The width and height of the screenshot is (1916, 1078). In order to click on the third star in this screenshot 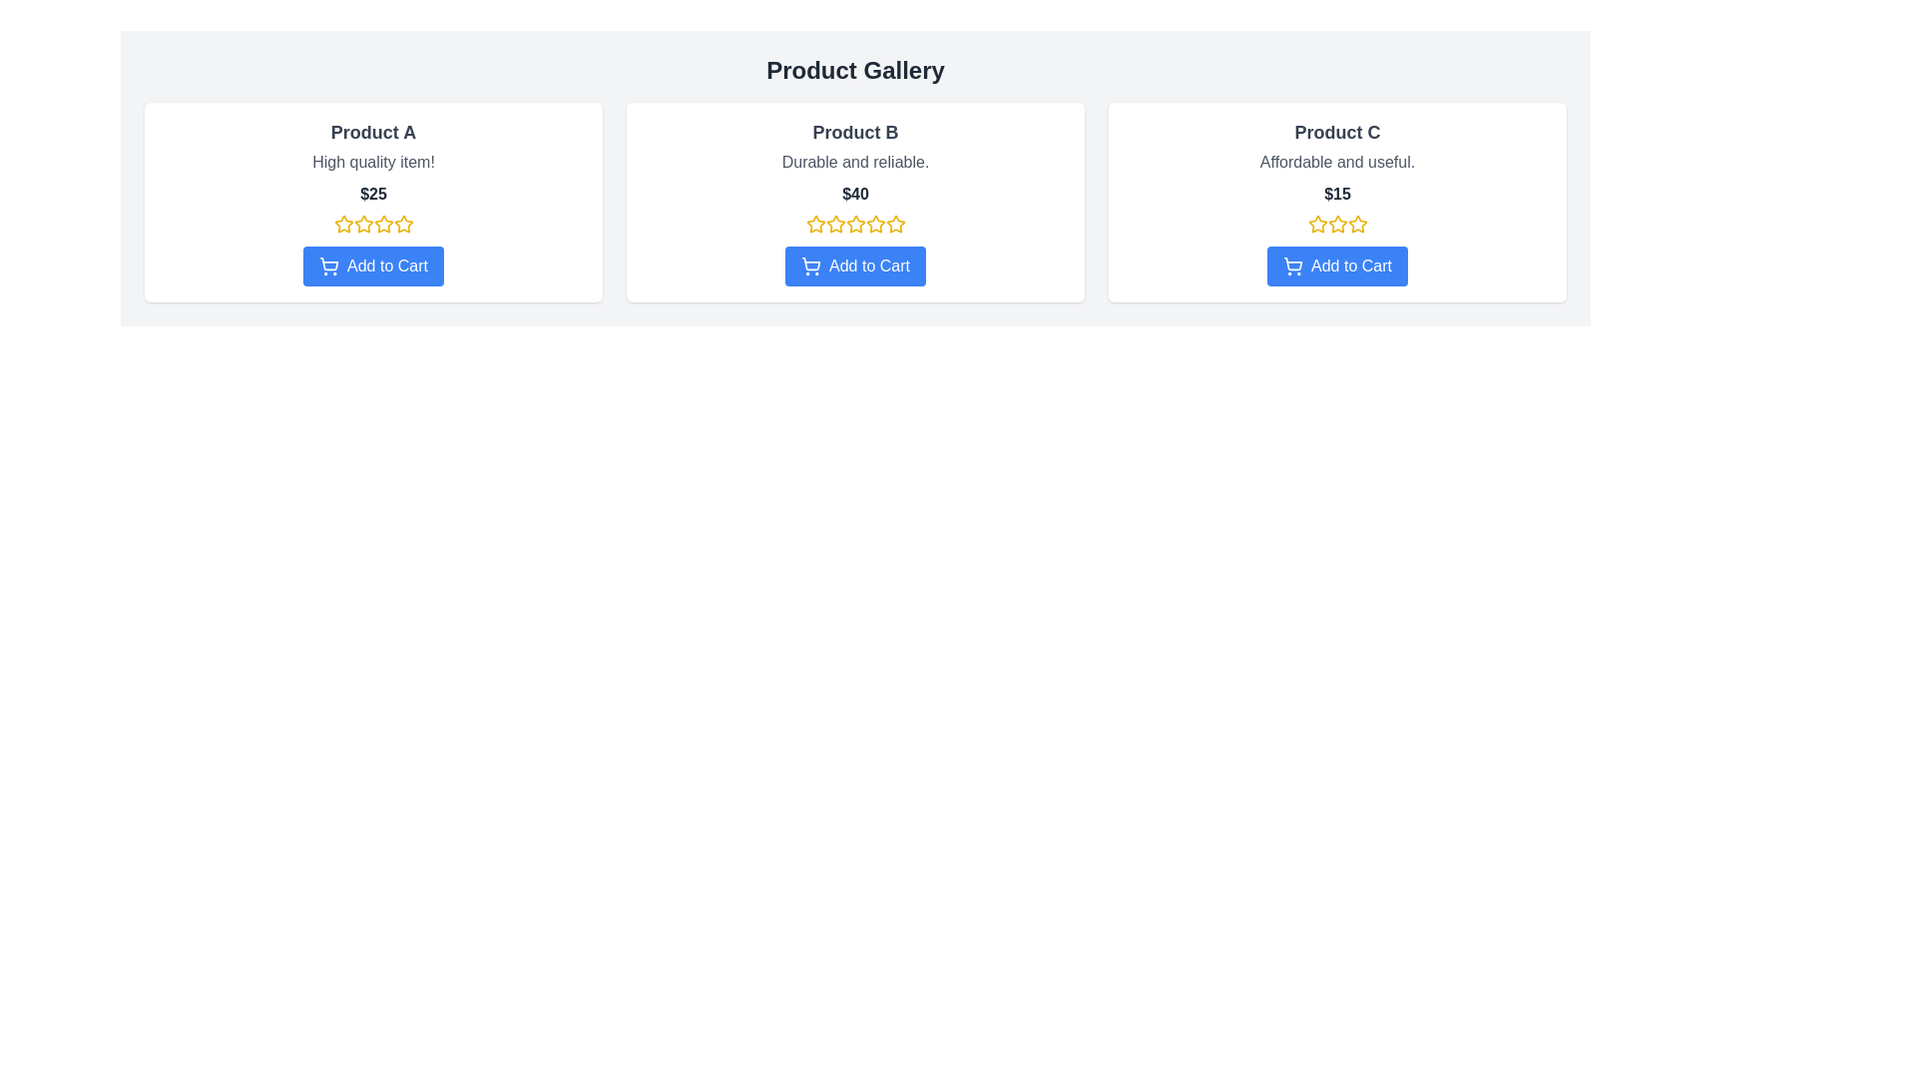, I will do `click(1336, 223)`.